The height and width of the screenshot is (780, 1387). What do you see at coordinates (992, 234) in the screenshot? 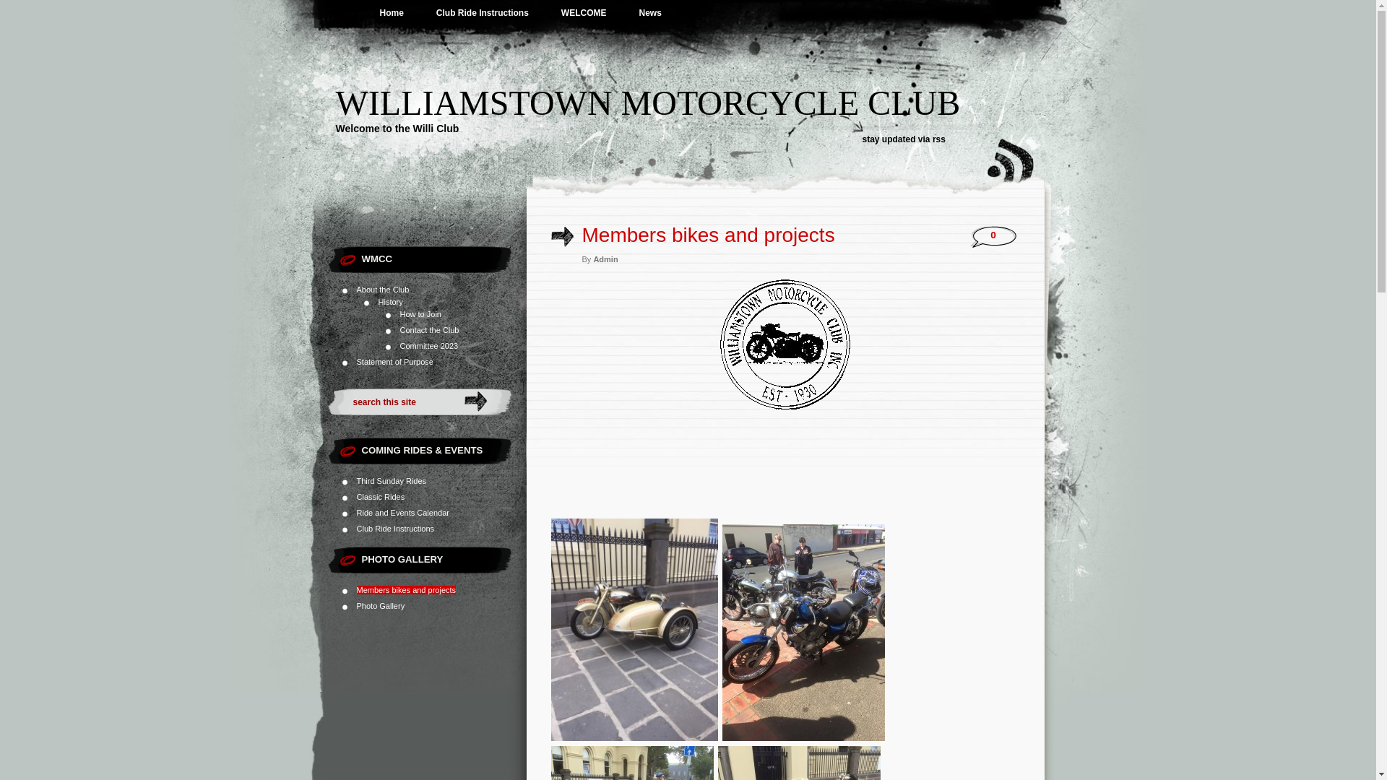
I see `'0'` at bounding box center [992, 234].